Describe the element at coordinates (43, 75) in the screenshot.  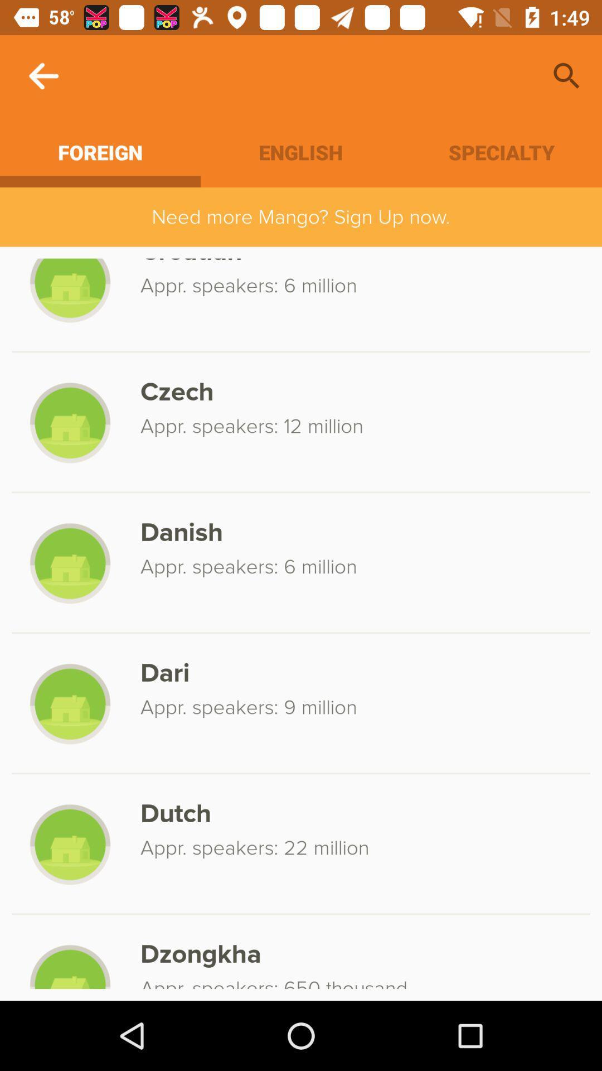
I see `icon above foreign icon` at that location.